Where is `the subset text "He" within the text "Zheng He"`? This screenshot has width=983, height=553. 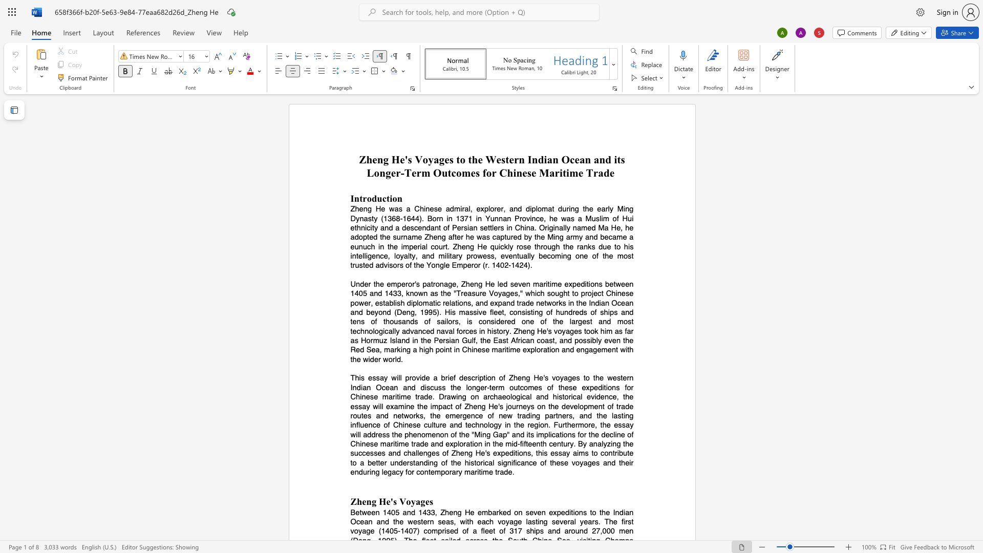 the subset text "He" within the text "Zheng He" is located at coordinates (378, 501).